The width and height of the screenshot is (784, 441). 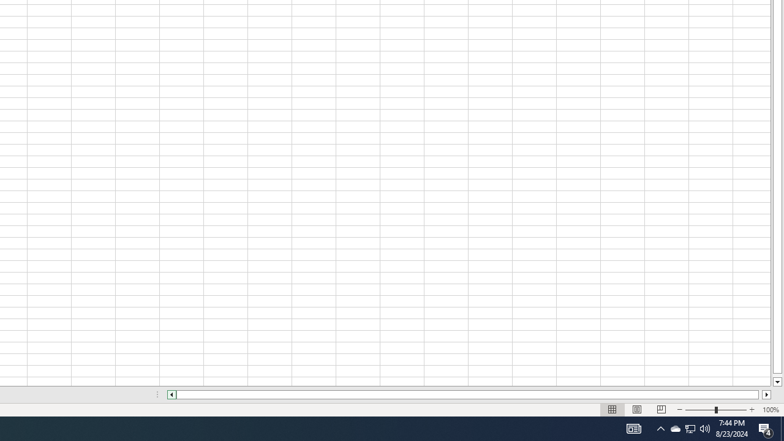 I want to click on 'Page right', so click(x=759, y=394).